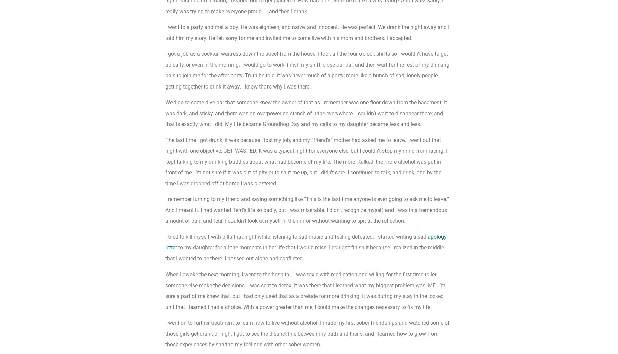 The width and height of the screenshot is (618, 354). What do you see at coordinates (305, 291) in the screenshot?
I see `'When I awoke the next morning, I went to the hospital. I was toxic with medication and willing for the first time to let someone else make the decisions. I was sent to detox. It was there that I learned what my biggest problem was. ME. I’m sure a part of me knew that, but I had only used that as a prelude for more drinking. It was during my stay in the locked unit that I learned I had a choice. With a power greater than me, I could make the changes necessary to fix my life.'` at bounding box center [305, 291].